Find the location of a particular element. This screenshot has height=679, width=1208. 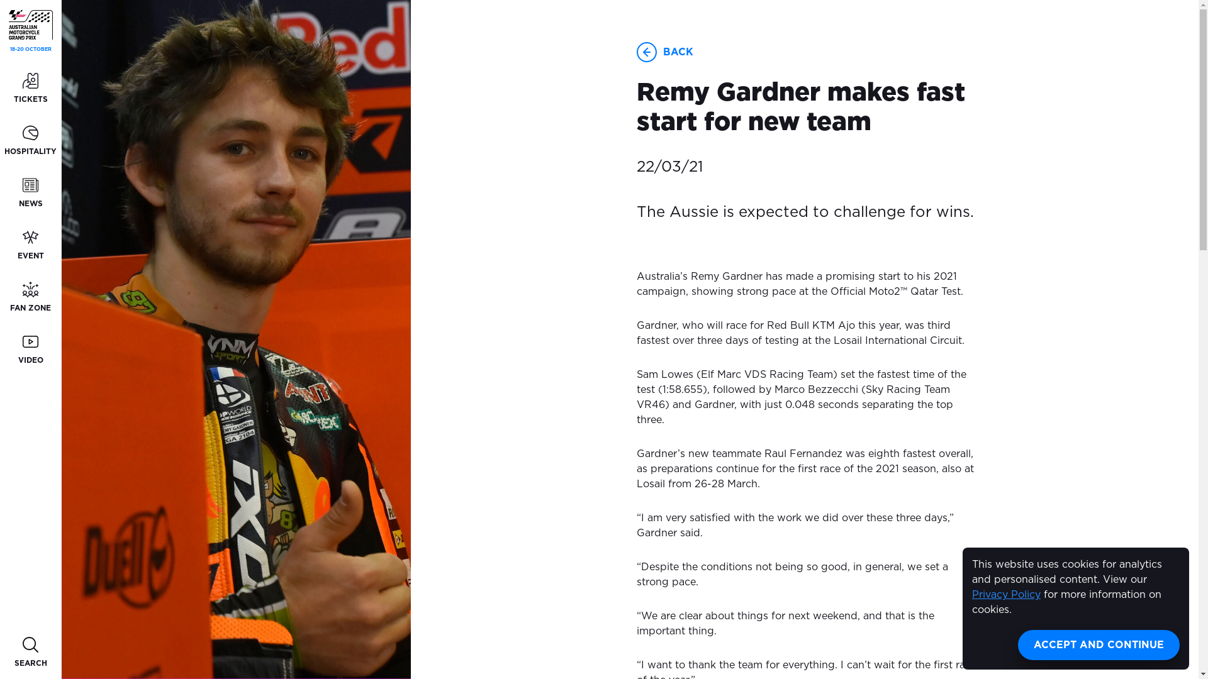

'ACCEPT AND CONTINUE' is located at coordinates (1098, 645).